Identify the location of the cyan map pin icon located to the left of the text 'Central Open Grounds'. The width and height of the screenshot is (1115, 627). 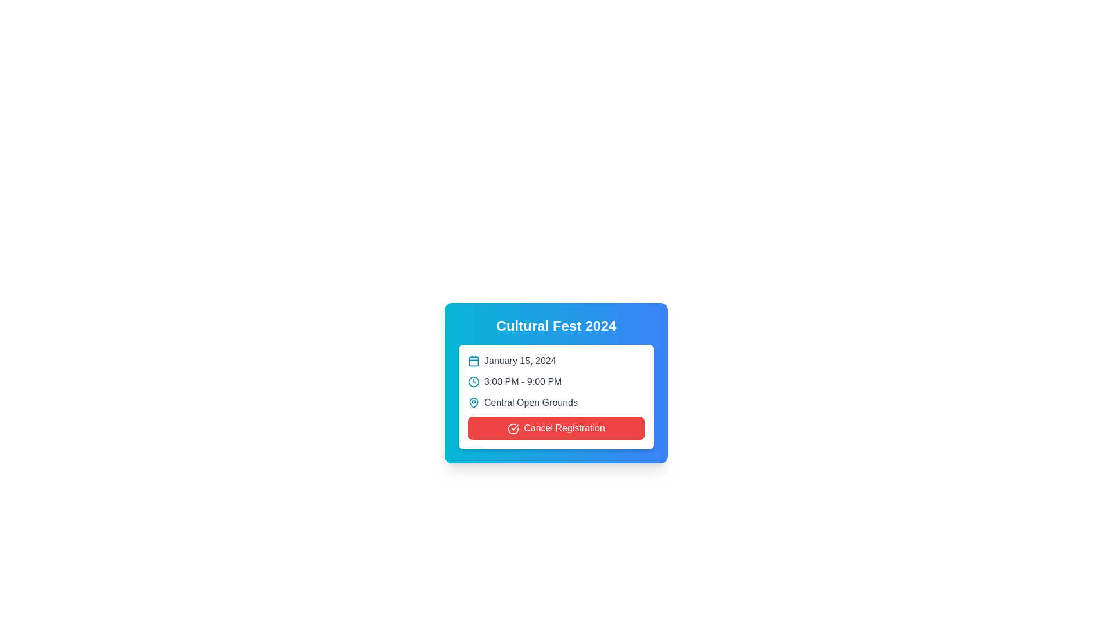
(474, 402).